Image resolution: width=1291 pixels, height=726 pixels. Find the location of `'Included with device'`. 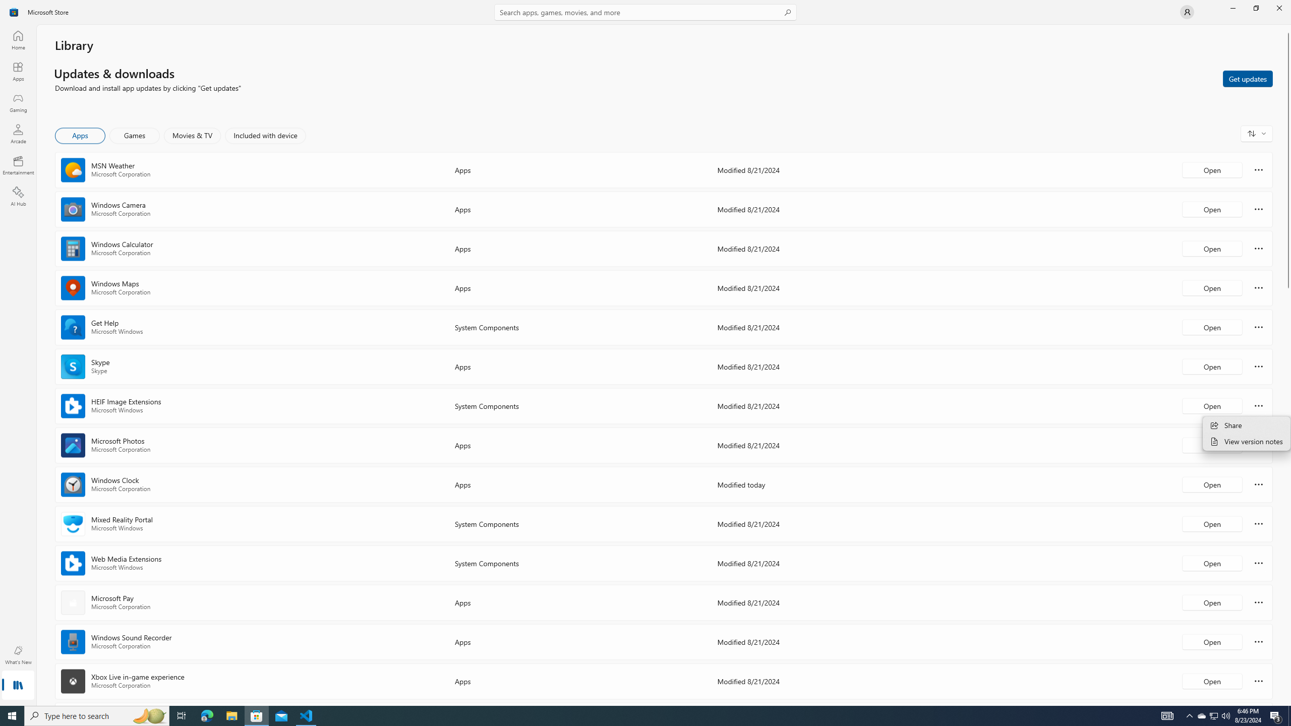

'Included with device' is located at coordinates (265, 135).